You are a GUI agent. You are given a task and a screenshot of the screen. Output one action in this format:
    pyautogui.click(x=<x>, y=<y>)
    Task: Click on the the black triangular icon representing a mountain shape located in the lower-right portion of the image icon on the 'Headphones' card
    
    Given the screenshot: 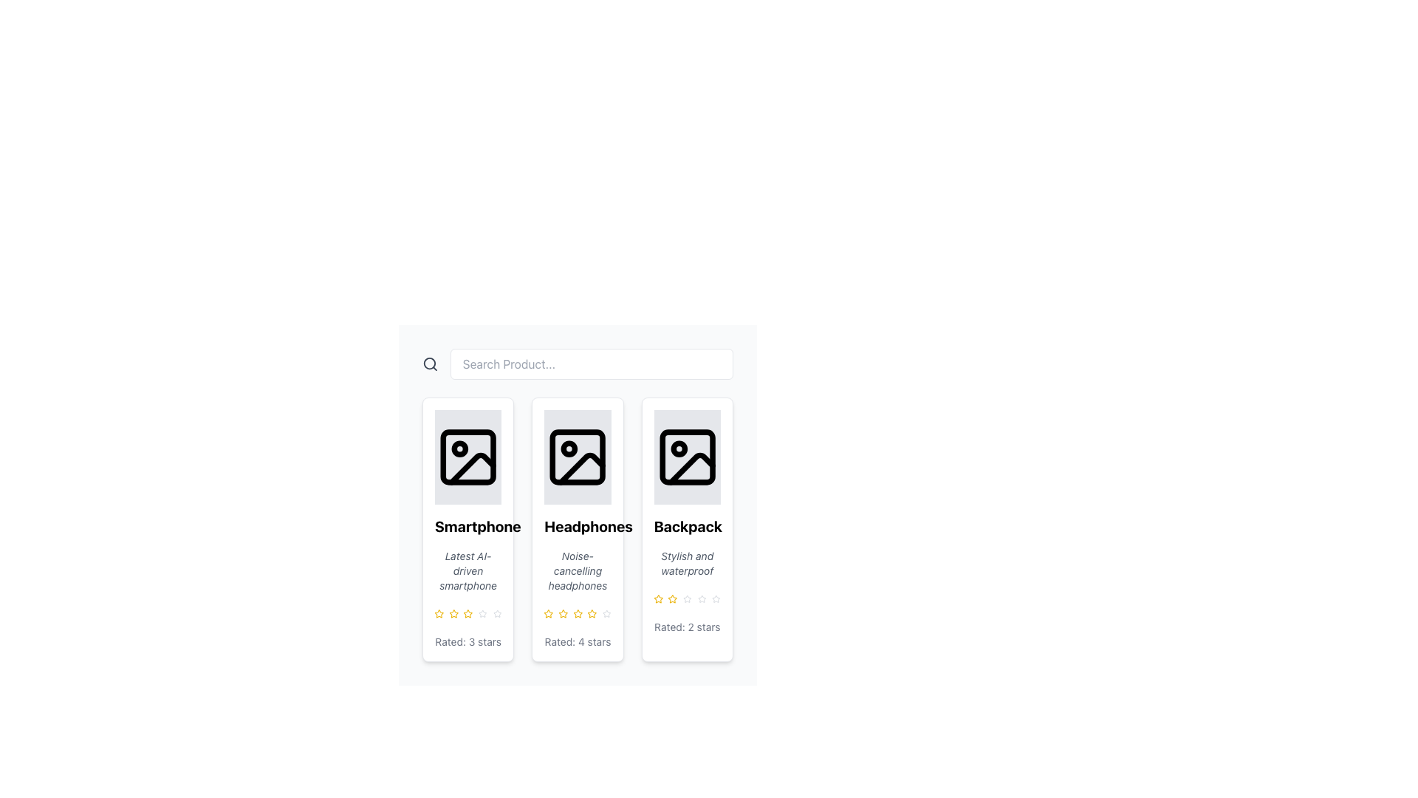 What is the action you would take?
    pyautogui.click(x=581, y=468)
    